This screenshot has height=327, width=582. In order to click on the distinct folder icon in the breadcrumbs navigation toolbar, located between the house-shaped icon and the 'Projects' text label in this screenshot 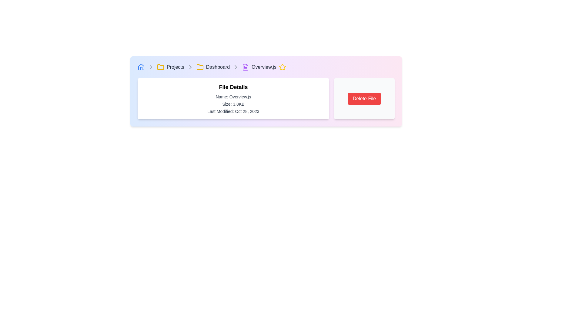, I will do `click(160, 67)`.